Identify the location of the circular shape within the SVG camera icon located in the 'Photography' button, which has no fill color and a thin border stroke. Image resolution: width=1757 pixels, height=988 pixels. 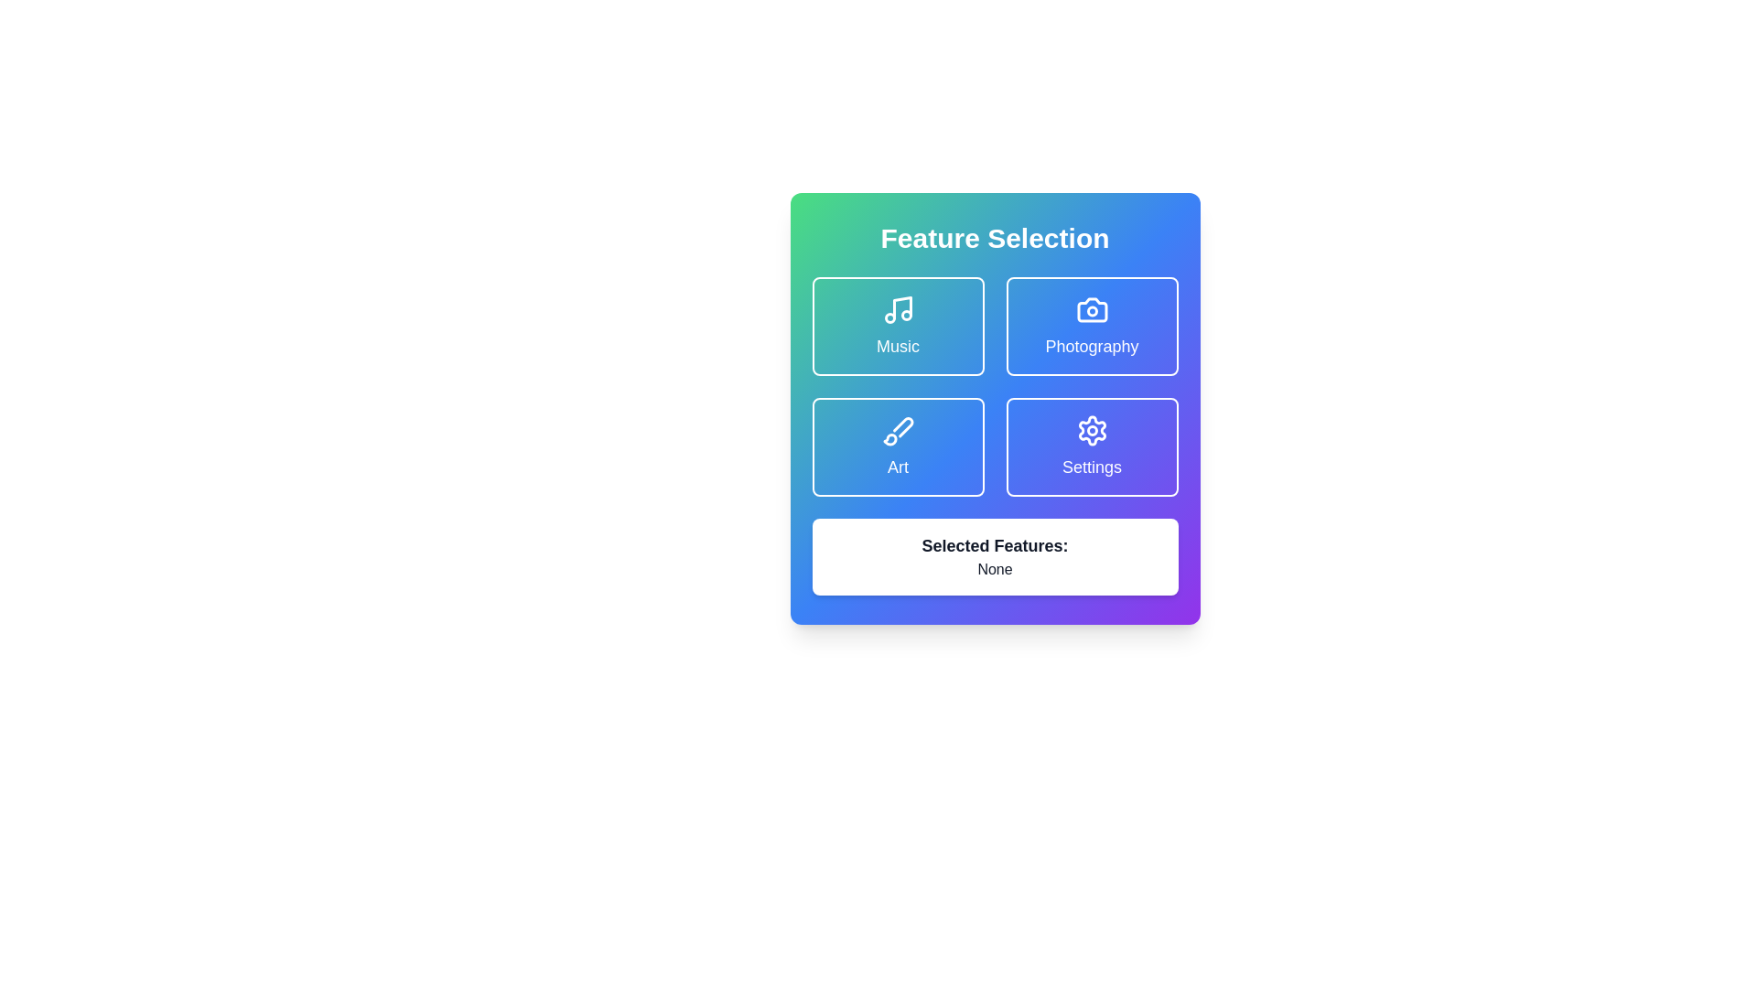
(1092, 310).